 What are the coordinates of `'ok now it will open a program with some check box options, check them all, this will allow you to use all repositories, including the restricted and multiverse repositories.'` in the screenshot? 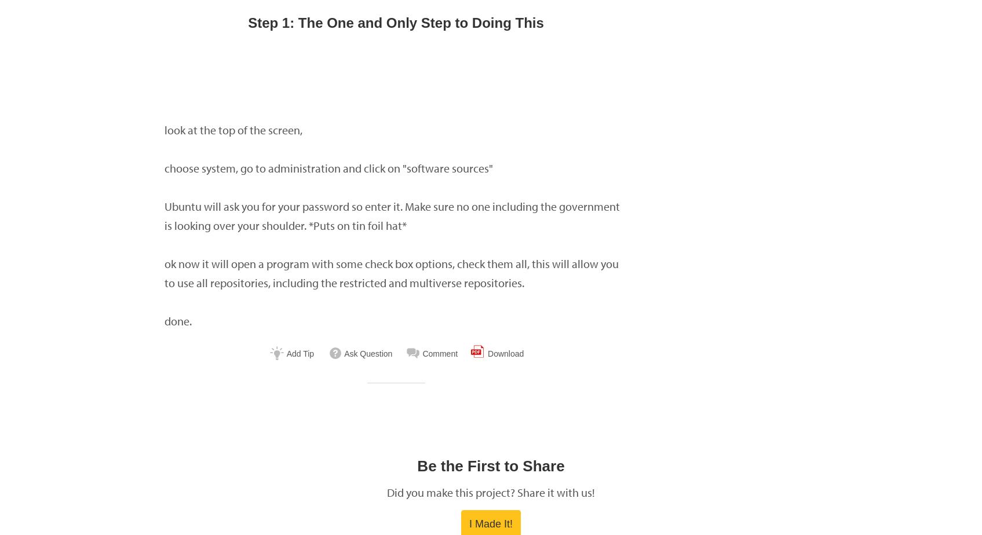 It's located at (390, 273).